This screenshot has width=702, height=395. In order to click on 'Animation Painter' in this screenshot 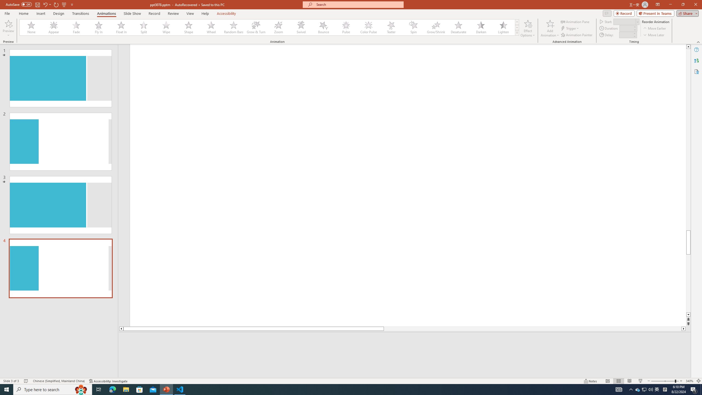, I will do `click(577, 35)`.